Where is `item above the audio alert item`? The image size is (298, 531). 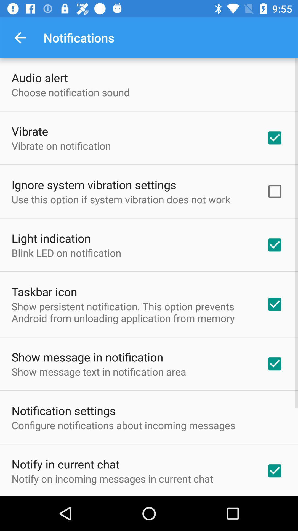 item above the audio alert item is located at coordinates (20, 37).